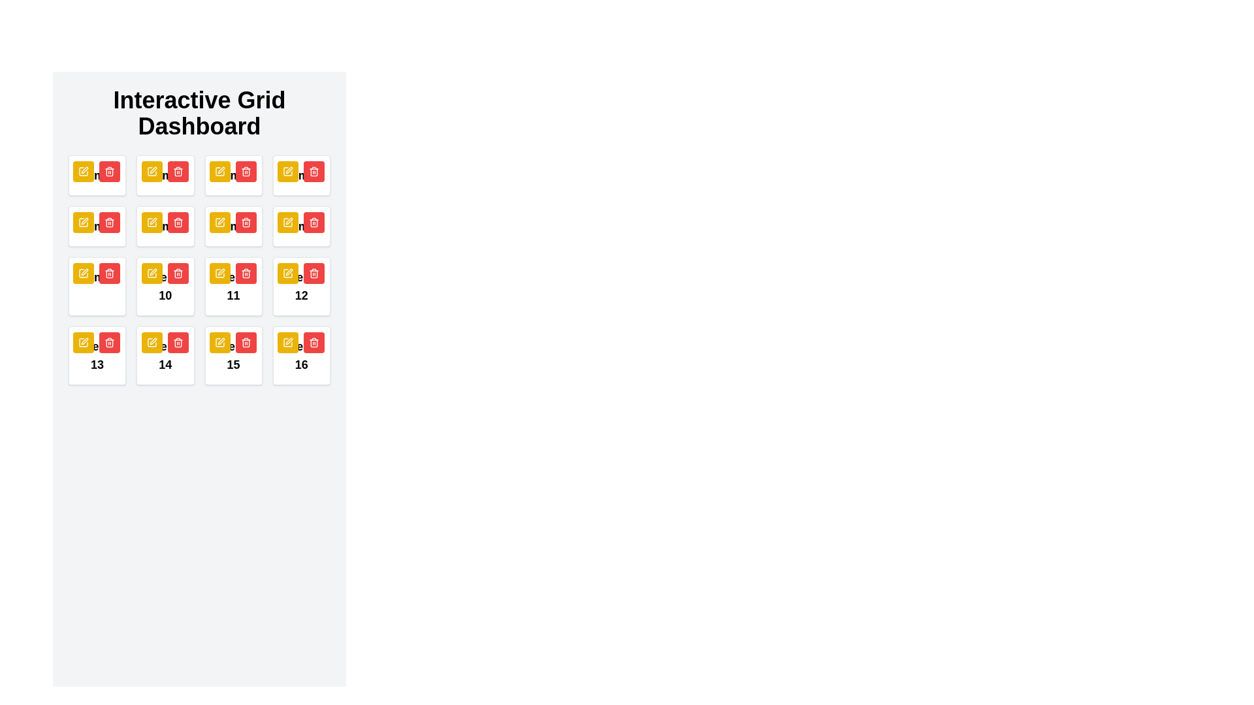 This screenshot has width=1254, height=705. Describe the element at coordinates (219, 341) in the screenshot. I see `the left button` at that location.